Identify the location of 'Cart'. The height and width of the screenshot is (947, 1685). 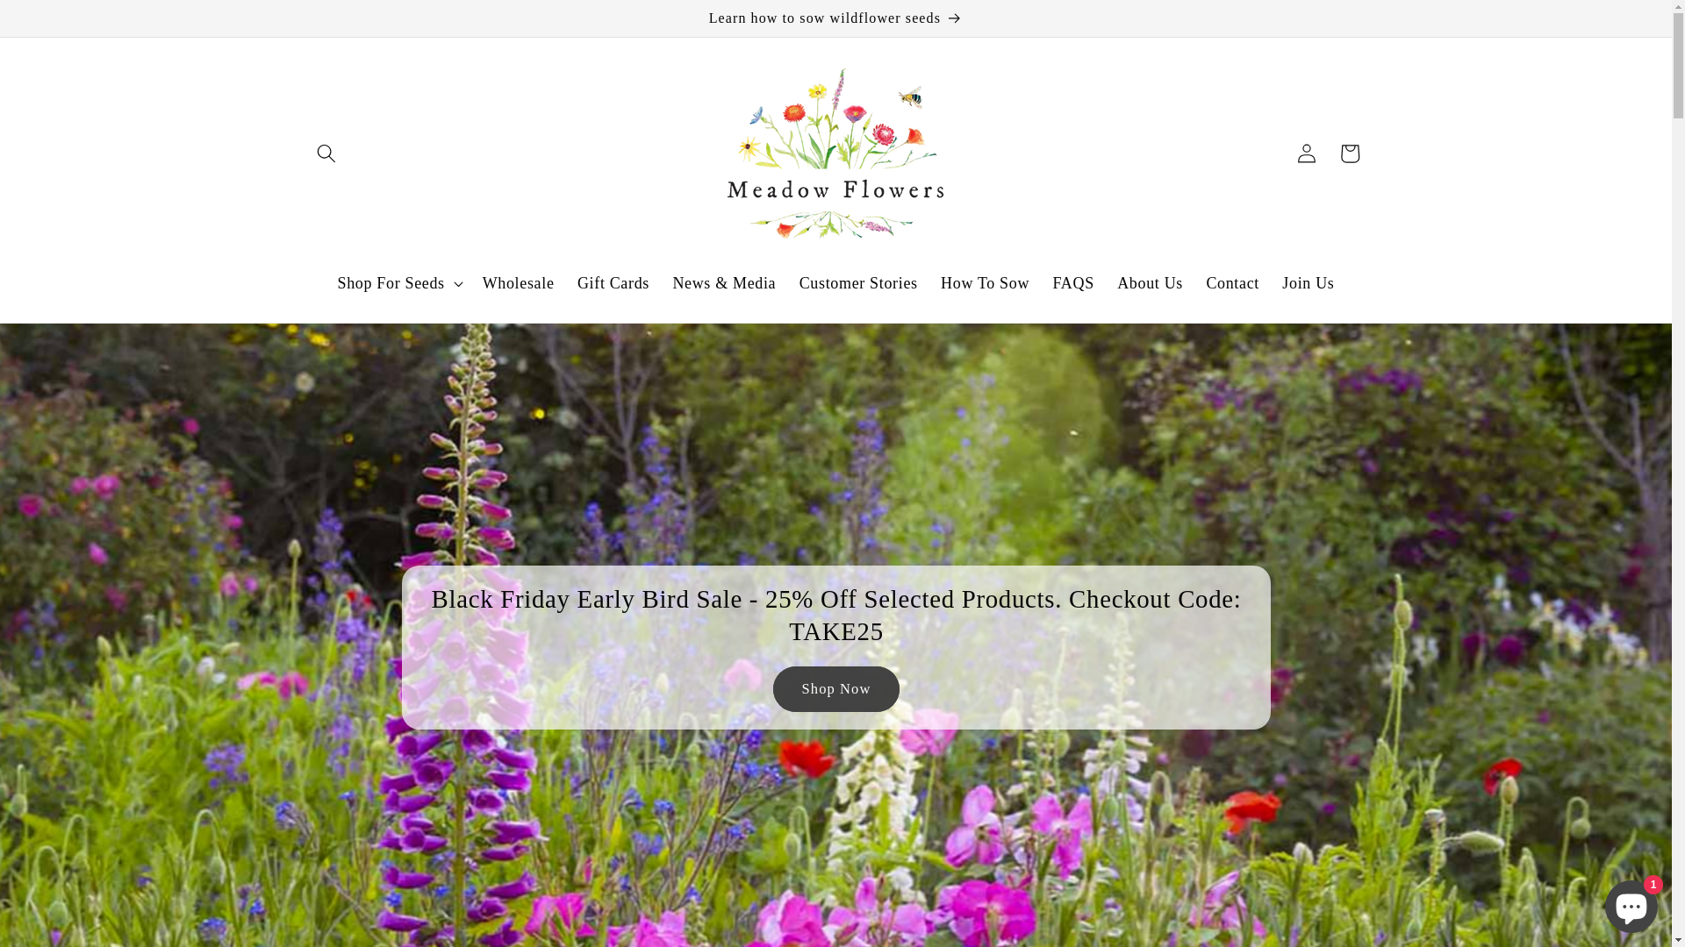
(1328, 152).